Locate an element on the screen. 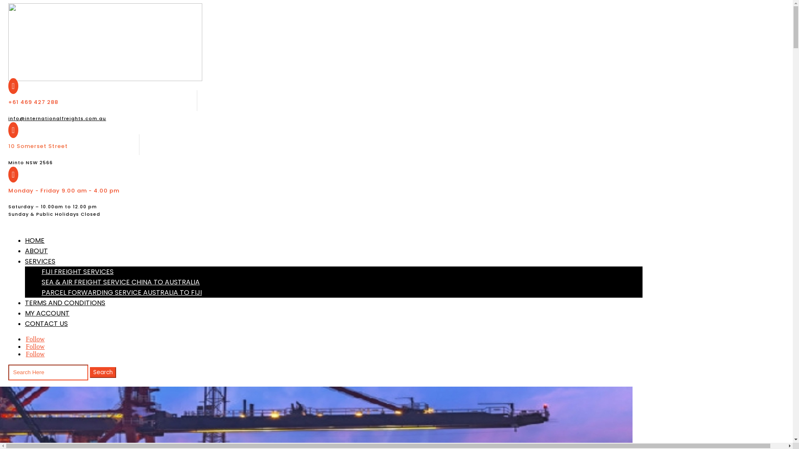 The width and height of the screenshot is (799, 449). 'ABOUT' is located at coordinates (36, 250).